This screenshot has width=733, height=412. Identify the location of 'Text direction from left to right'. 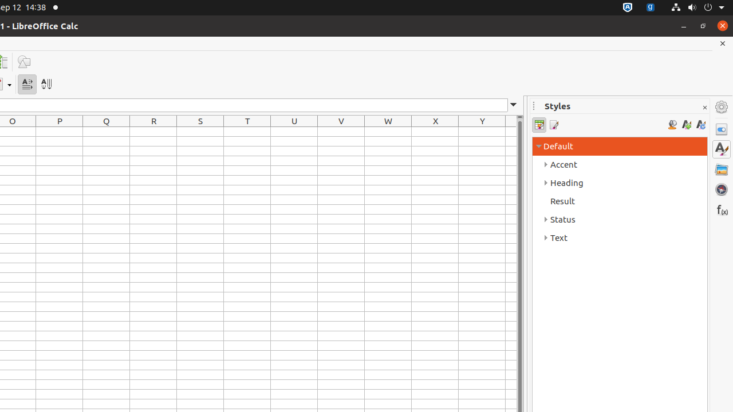
(27, 84).